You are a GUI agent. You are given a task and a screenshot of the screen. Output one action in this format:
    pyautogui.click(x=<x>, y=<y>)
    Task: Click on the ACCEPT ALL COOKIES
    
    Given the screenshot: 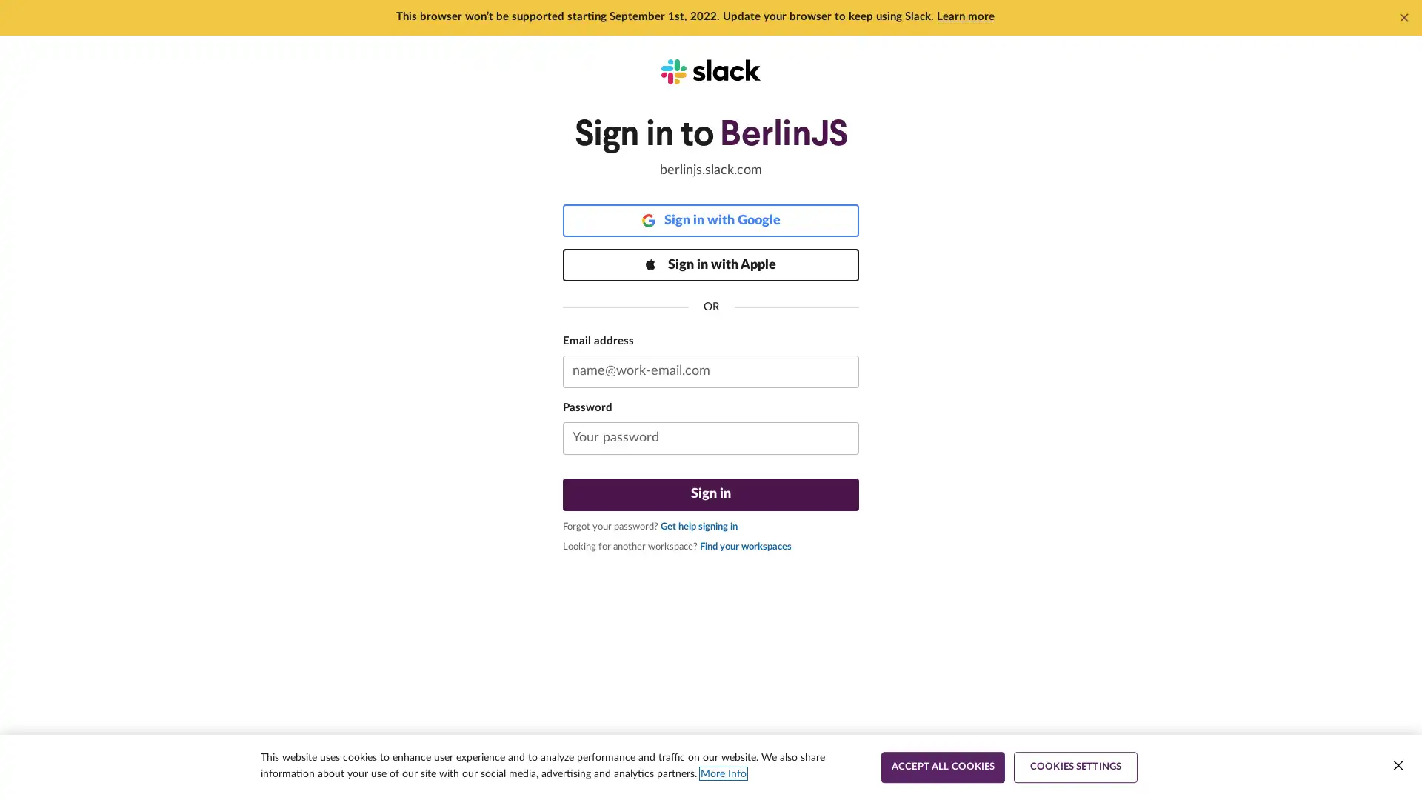 What is the action you would take?
    pyautogui.click(x=942, y=767)
    